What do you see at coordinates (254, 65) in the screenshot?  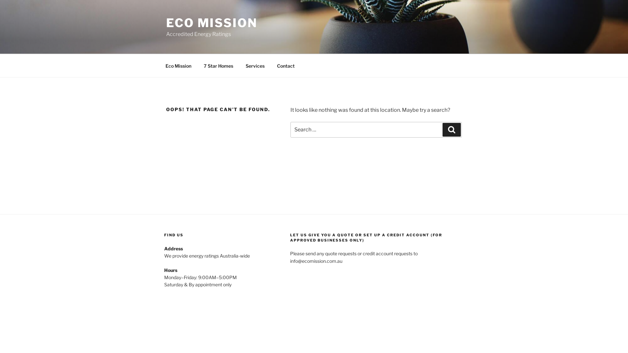 I see `'Services'` at bounding box center [254, 65].